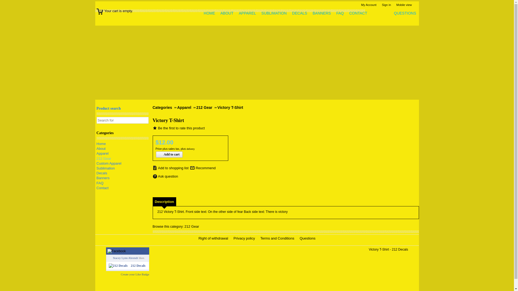 This screenshot has height=291, width=518. What do you see at coordinates (125, 257) in the screenshot?
I see `'Stacey Lynn Ahrendt'` at bounding box center [125, 257].